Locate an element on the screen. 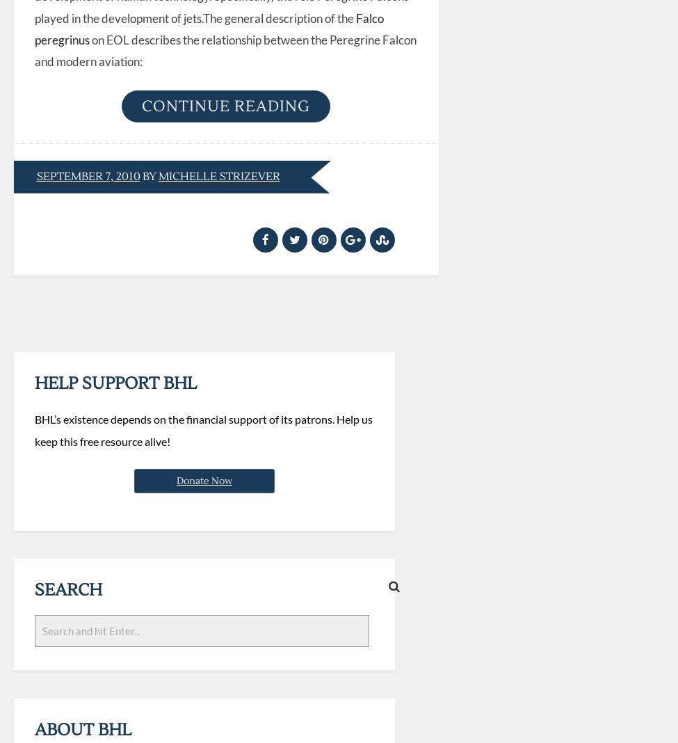  'Falco peregrinus' is located at coordinates (208, 28).